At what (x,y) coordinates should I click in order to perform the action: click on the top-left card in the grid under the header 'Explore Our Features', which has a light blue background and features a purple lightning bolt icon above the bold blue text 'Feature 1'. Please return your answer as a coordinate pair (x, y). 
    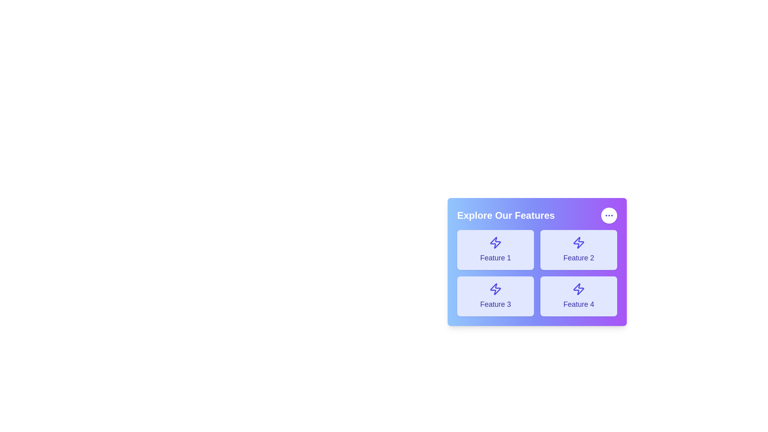
    Looking at the image, I should click on (495, 249).